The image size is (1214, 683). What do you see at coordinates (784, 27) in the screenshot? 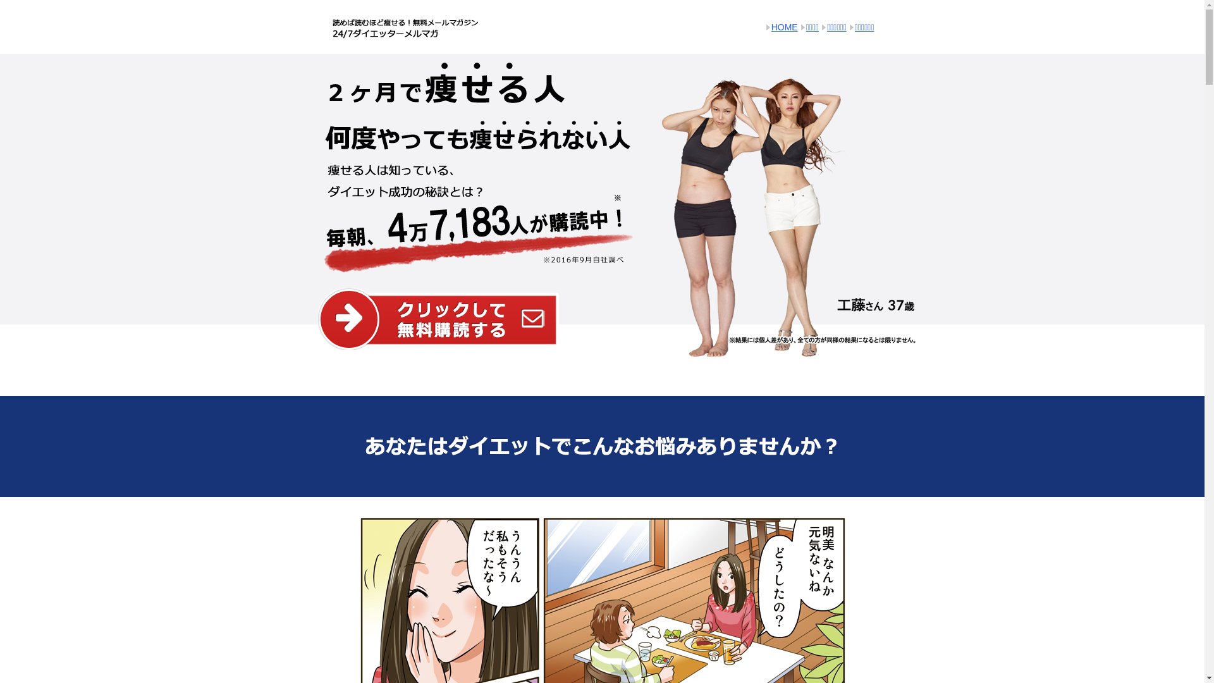
I see `'HOME'` at bounding box center [784, 27].